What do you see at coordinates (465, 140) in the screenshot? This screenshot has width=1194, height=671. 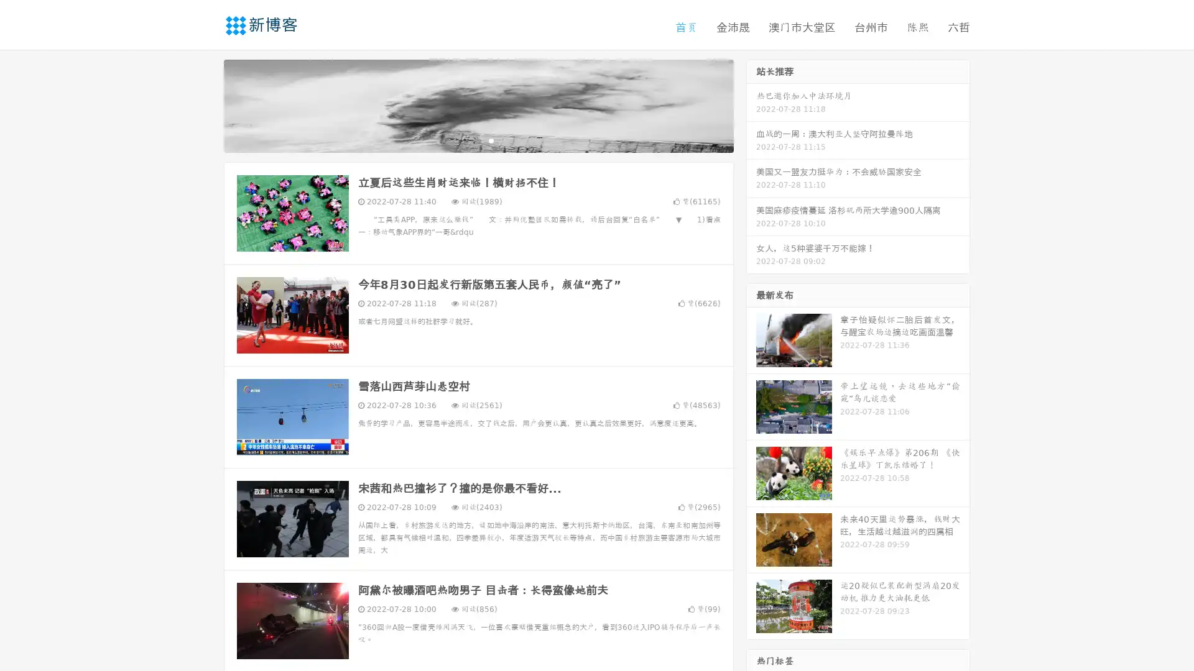 I see `Go to slide 1` at bounding box center [465, 140].